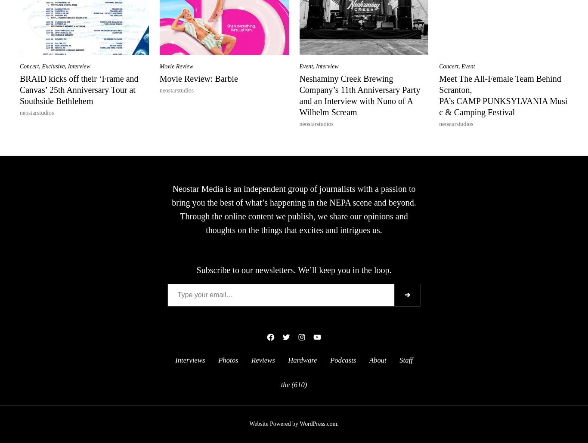 This screenshot has height=443, width=588. I want to click on 'Hardware', so click(302, 359).